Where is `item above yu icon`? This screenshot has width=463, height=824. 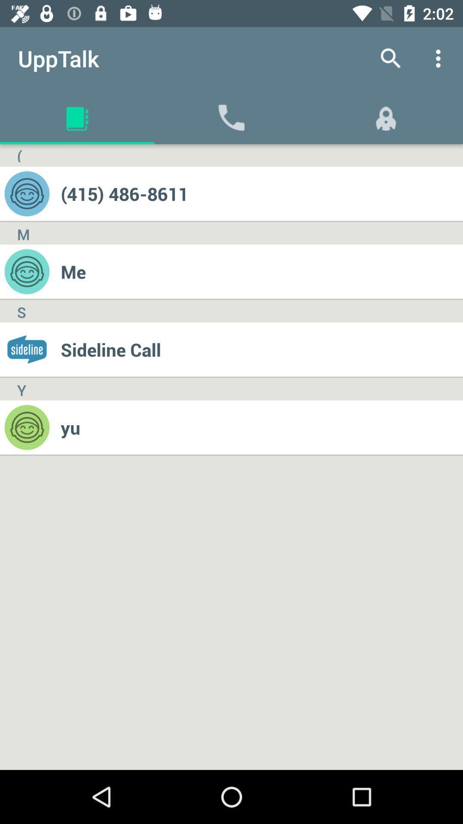
item above yu icon is located at coordinates (261, 349).